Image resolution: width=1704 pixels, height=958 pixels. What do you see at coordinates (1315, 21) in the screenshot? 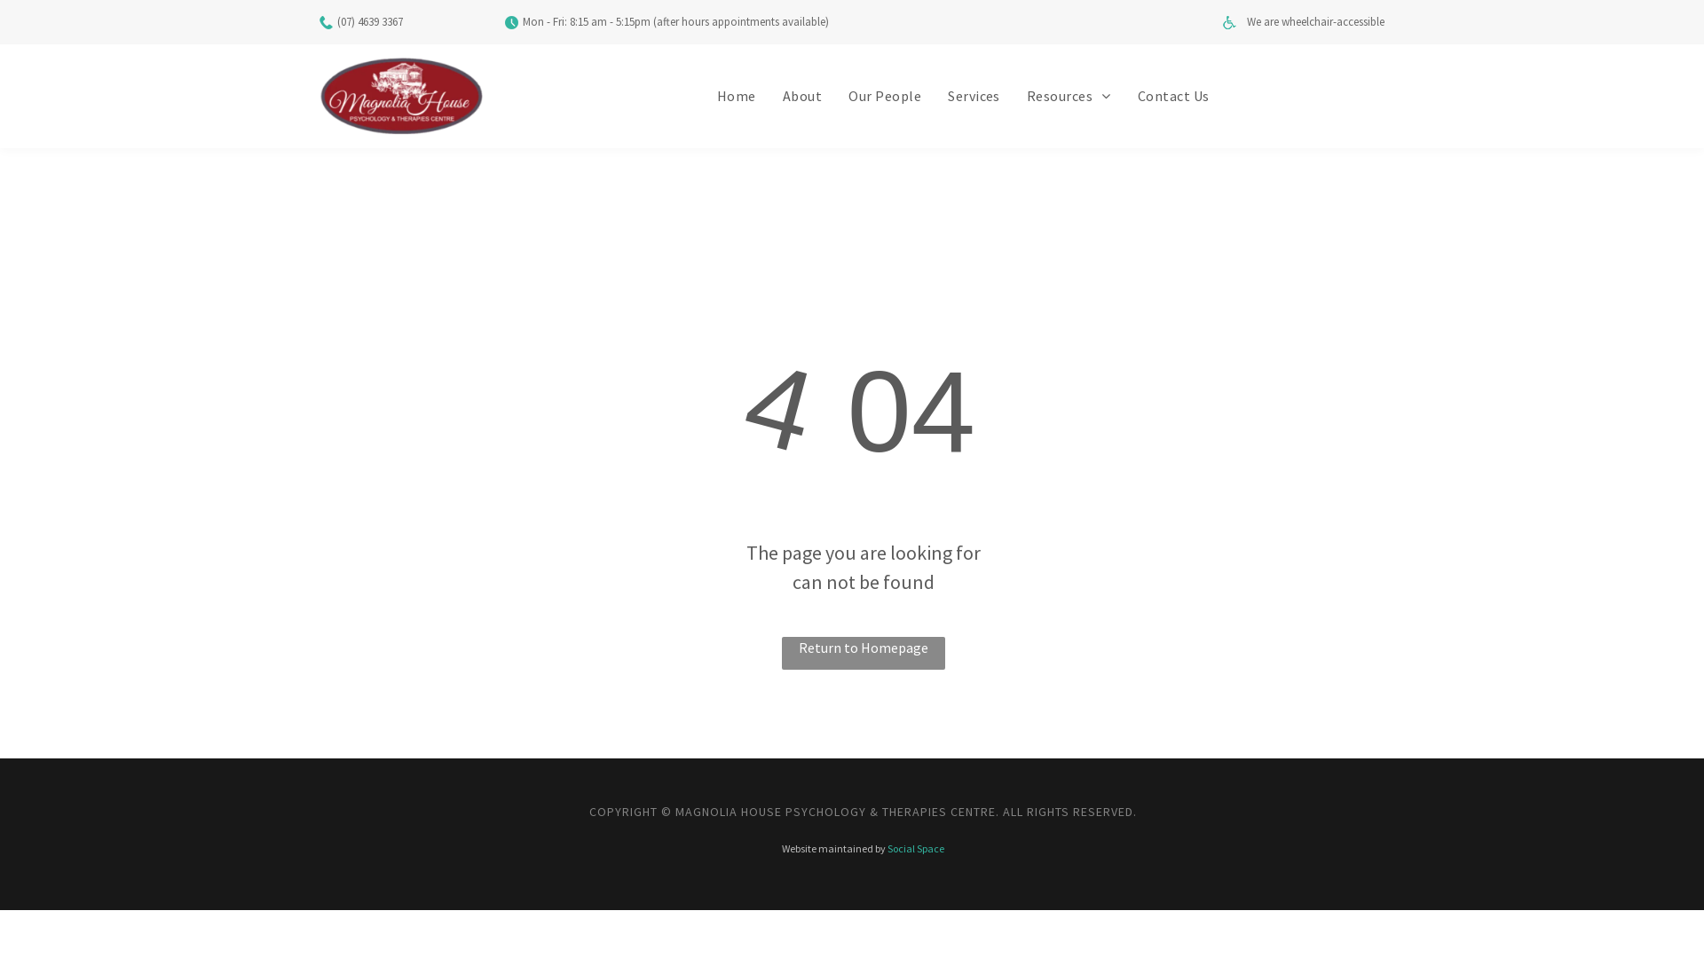
I see `'We are wheelchair-accessible'` at bounding box center [1315, 21].